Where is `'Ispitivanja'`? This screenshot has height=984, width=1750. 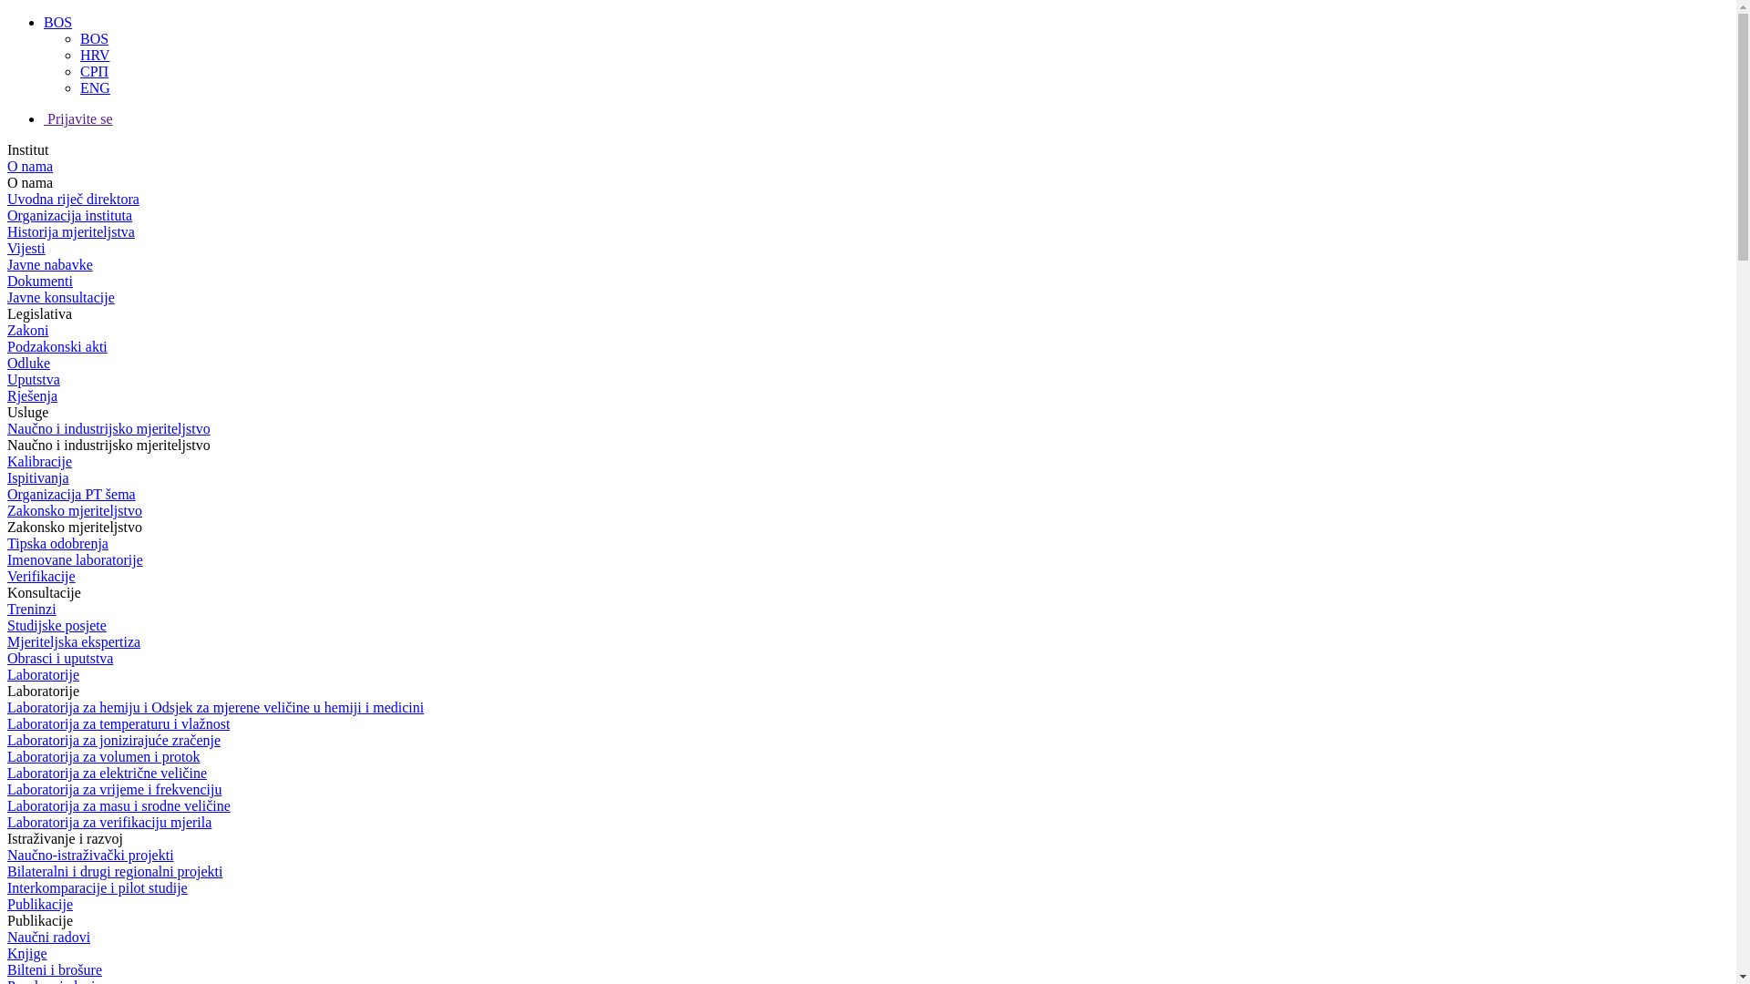 'Ispitivanja' is located at coordinates (38, 477).